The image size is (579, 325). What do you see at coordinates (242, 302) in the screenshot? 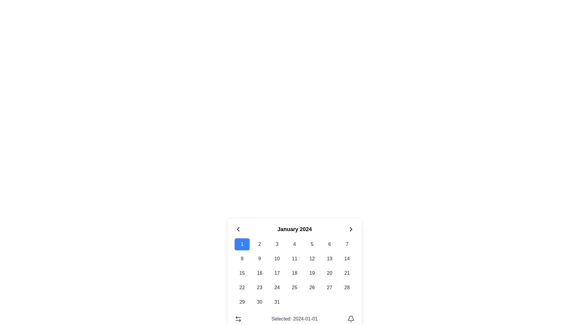
I see `the calendar date button located in the sixth row and first column of the grid` at bounding box center [242, 302].